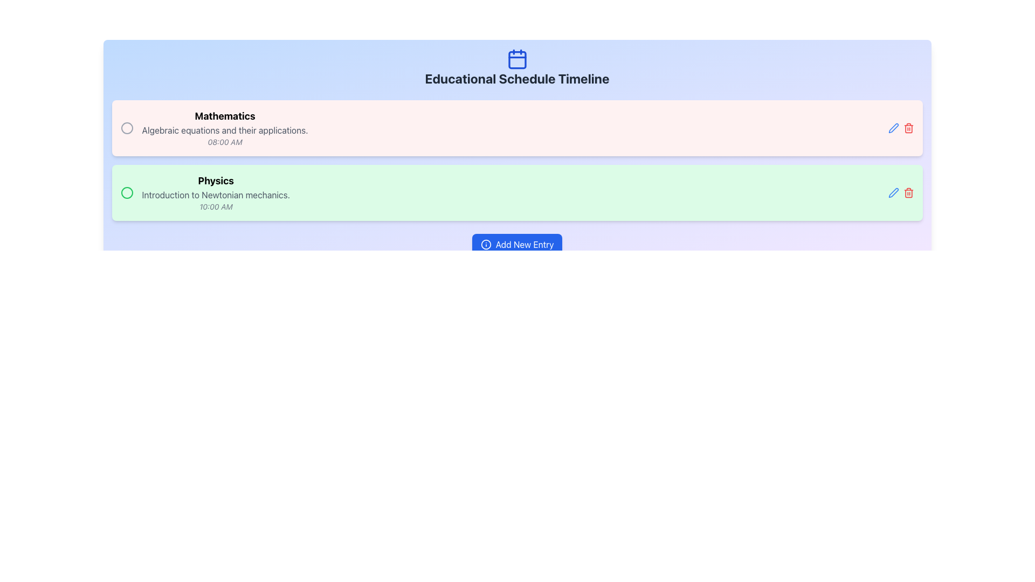  What do you see at coordinates (205, 192) in the screenshot?
I see `the composite information display for the 'Physics' schedule entry, which includes a title, description, and timestamp, located within the green card beneath the 'Mathematics' entry` at bounding box center [205, 192].